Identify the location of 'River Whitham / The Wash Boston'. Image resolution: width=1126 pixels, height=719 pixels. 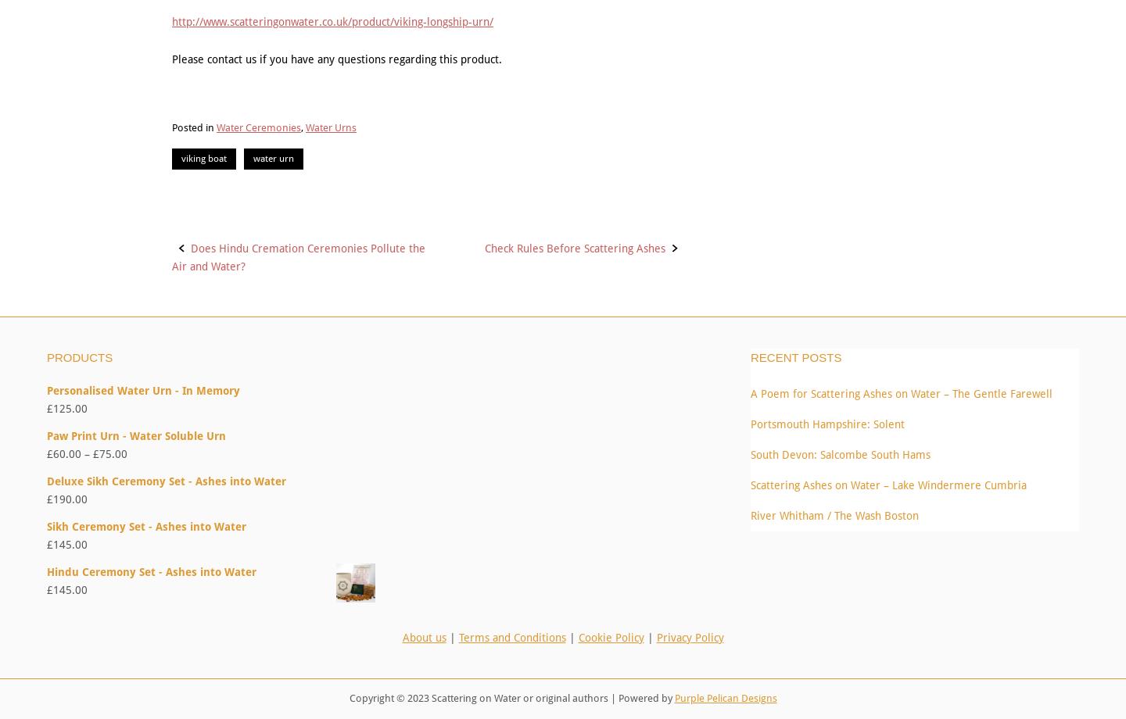
(834, 513).